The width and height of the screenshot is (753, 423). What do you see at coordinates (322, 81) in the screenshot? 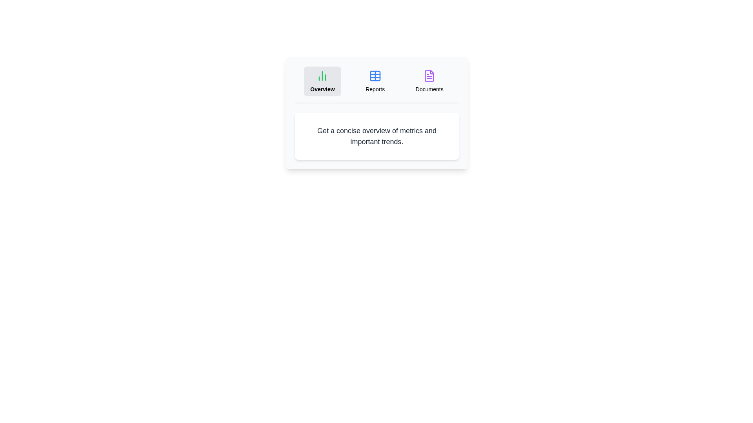
I see `the Overview tab button to switch to the corresponding tab` at bounding box center [322, 81].